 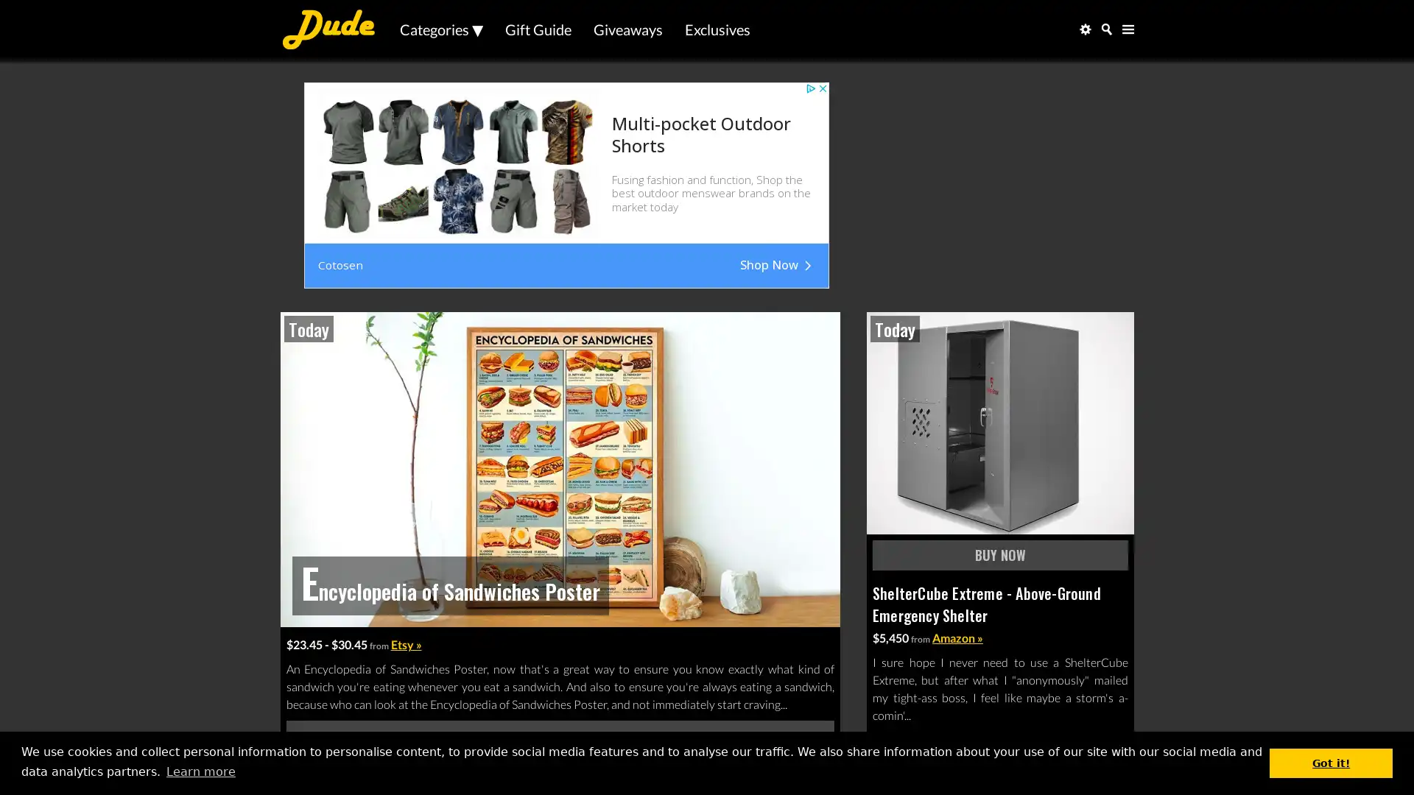 What do you see at coordinates (1331, 762) in the screenshot?
I see `dismiss cookie message` at bounding box center [1331, 762].